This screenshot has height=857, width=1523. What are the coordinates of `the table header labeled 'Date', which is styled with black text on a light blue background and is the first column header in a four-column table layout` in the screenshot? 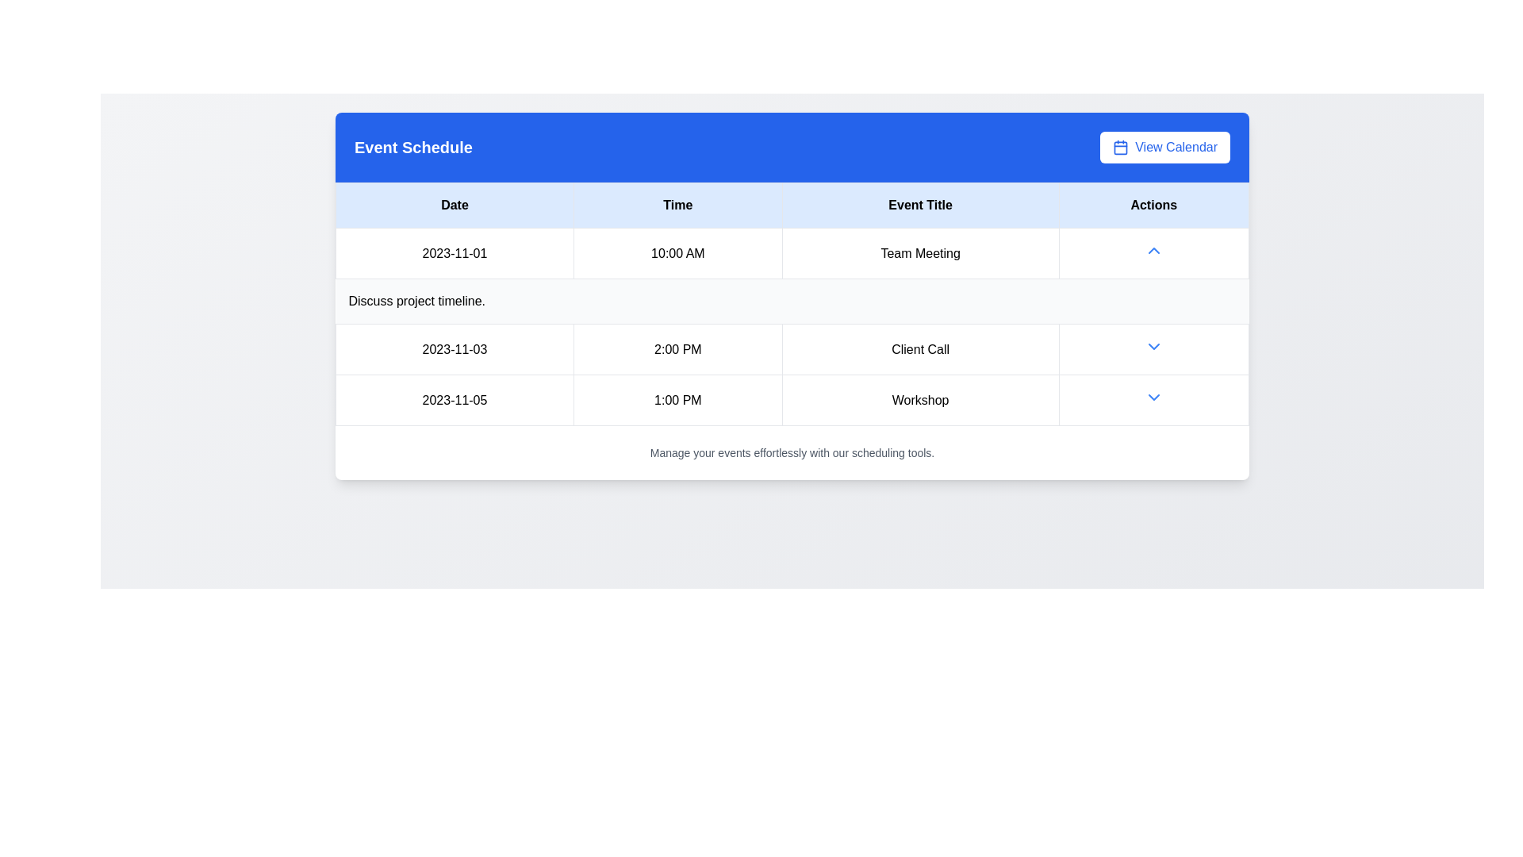 It's located at (454, 204).